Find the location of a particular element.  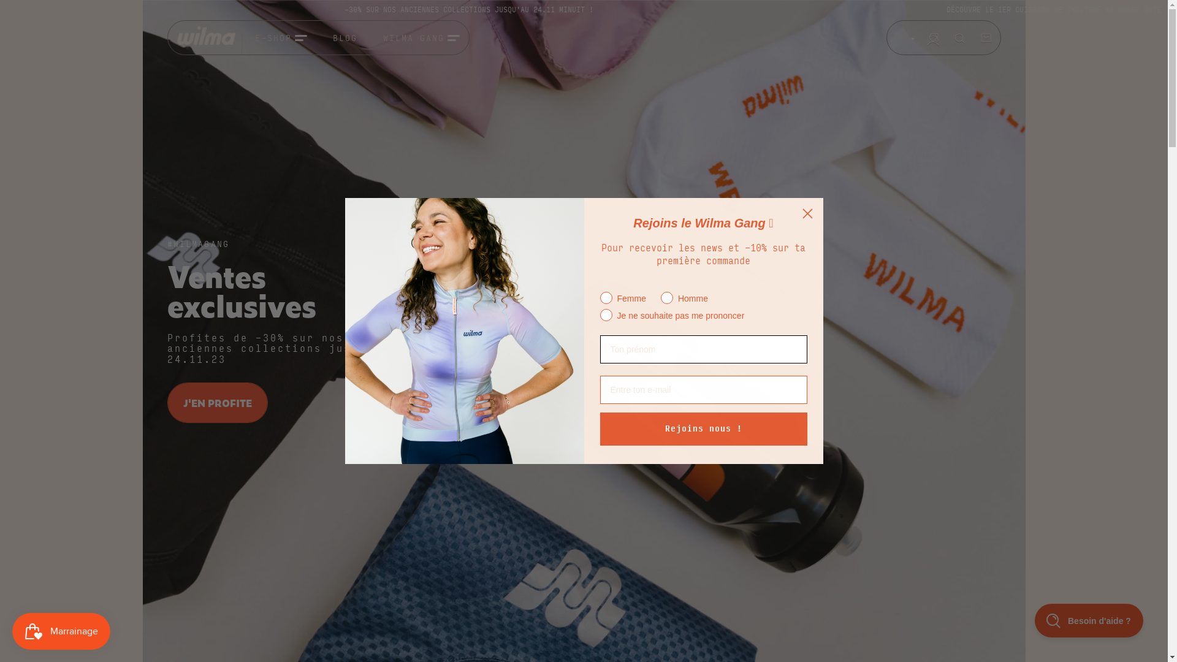

'BLOG is located at coordinates (332, 37).